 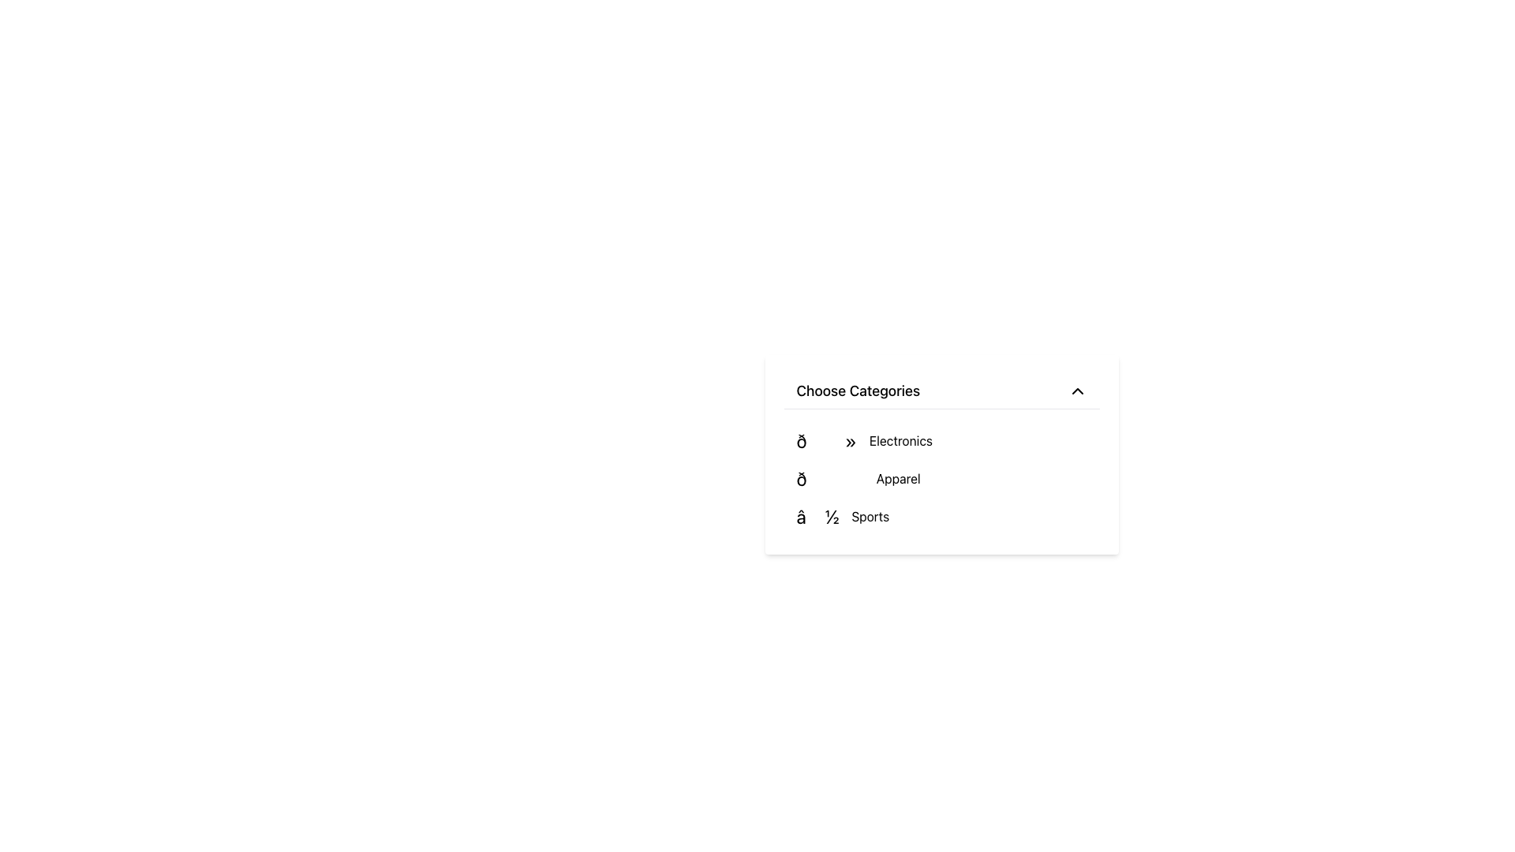 What do you see at coordinates (870, 517) in the screenshot?
I see `the 'Sports' category text label` at bounding box center [870, 517].